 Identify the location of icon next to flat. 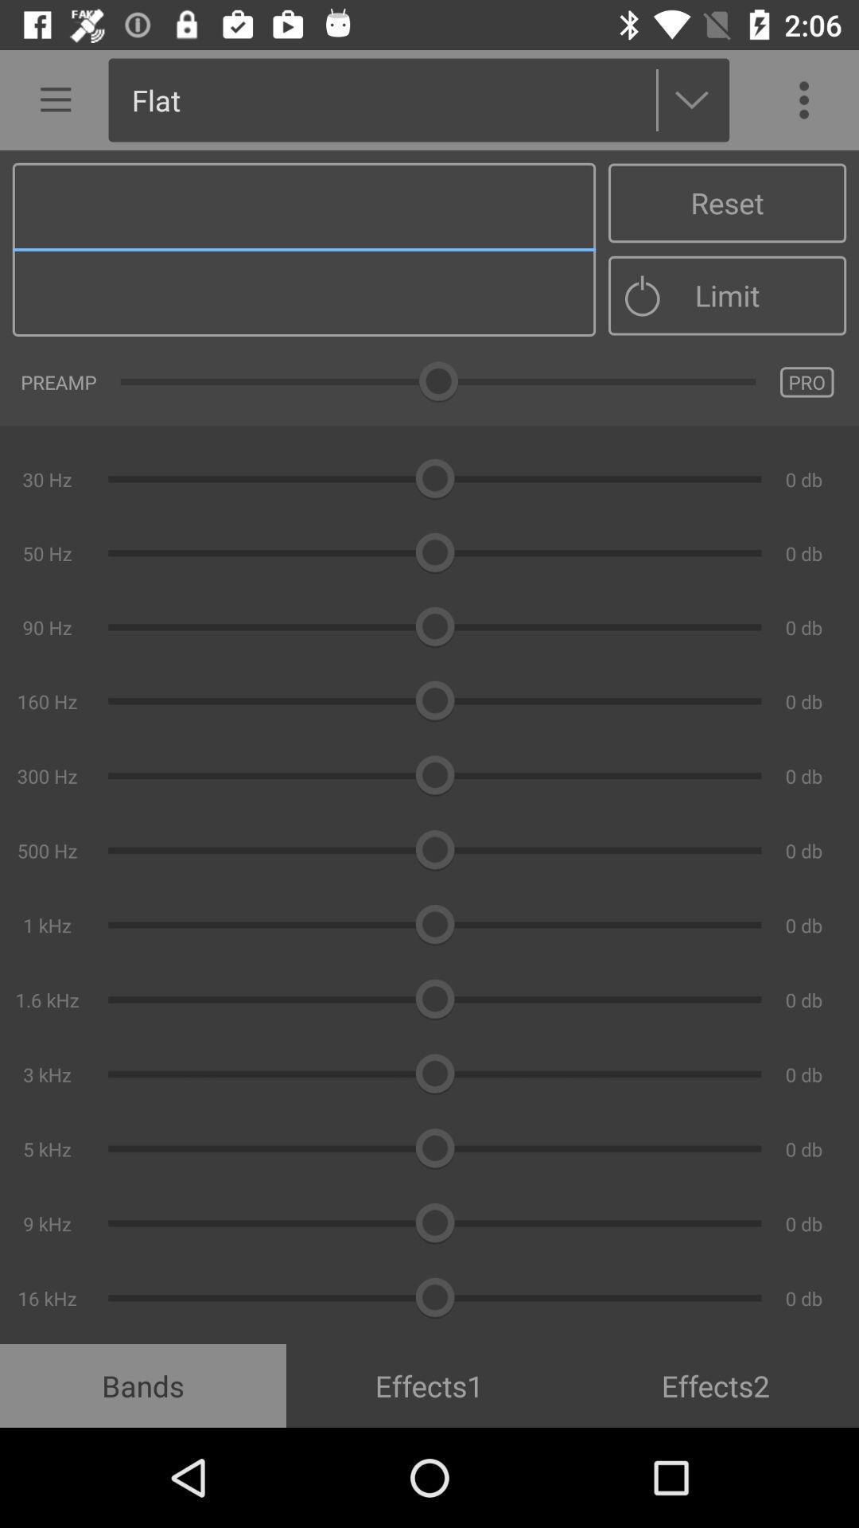
(49, 99).